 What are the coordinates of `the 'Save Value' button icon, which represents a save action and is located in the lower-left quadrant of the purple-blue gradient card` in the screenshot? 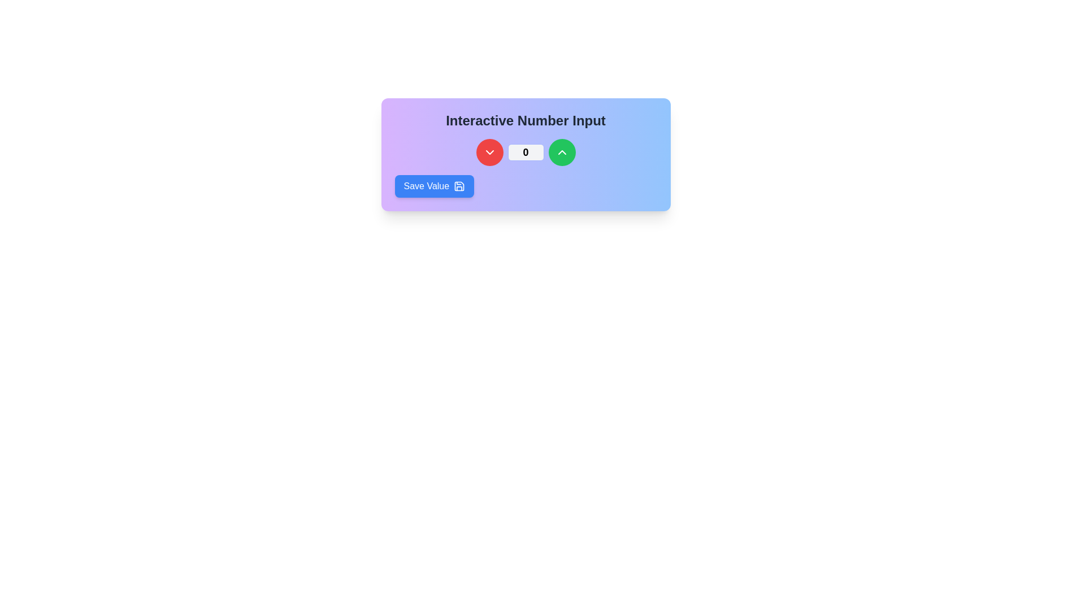 It's located at (459, 186).